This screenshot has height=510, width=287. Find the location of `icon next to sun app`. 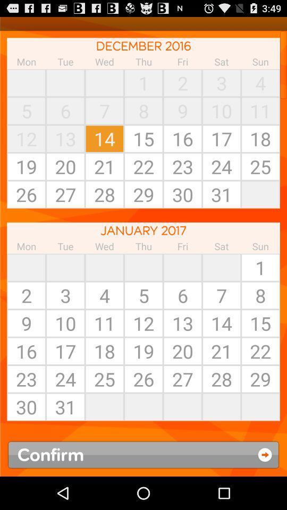

icon next to sun app is located at coordinates (221, 267).